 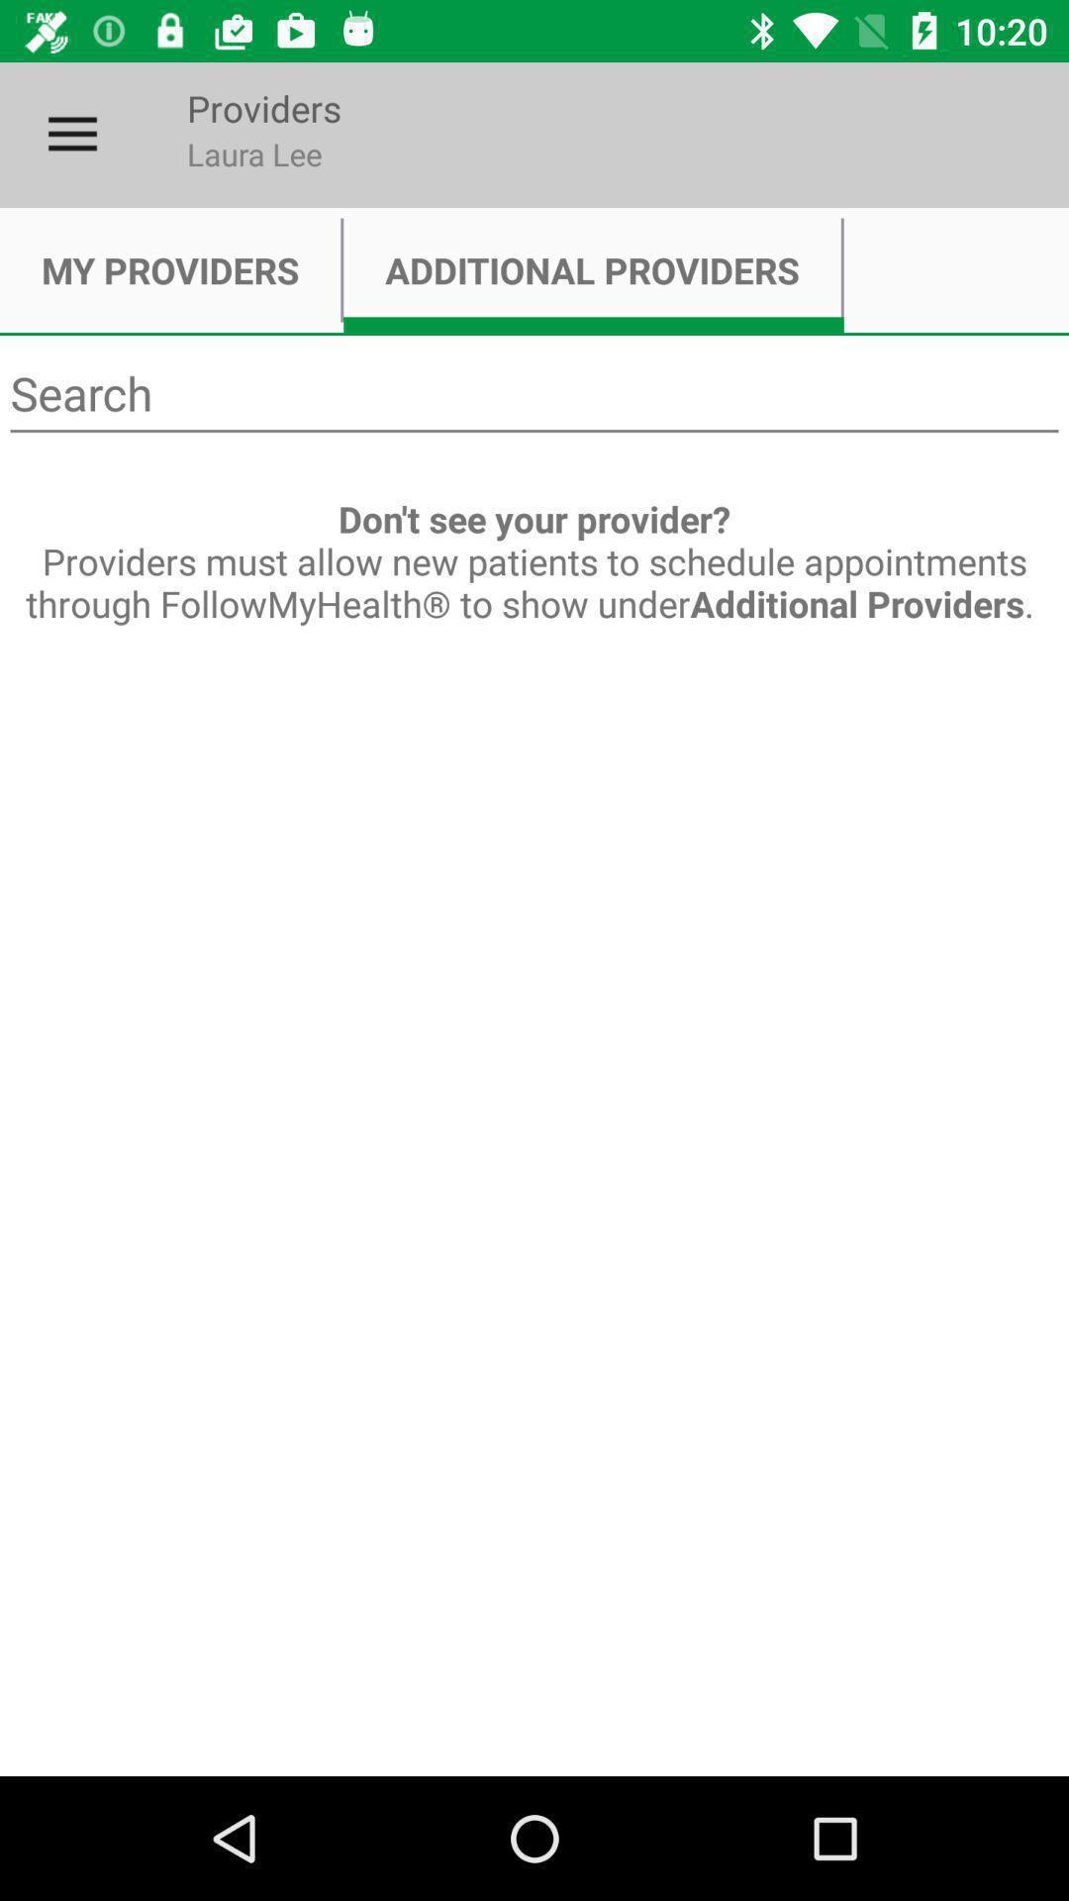 I want to click on search option using keywords, so click(x=534, y=394).